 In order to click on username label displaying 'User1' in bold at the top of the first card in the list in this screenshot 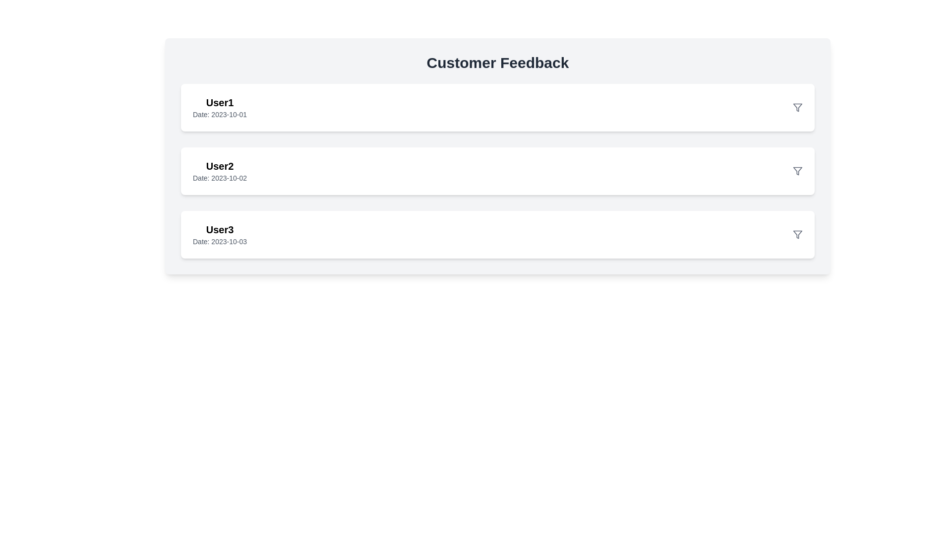, I will do `click(219, 103)`.